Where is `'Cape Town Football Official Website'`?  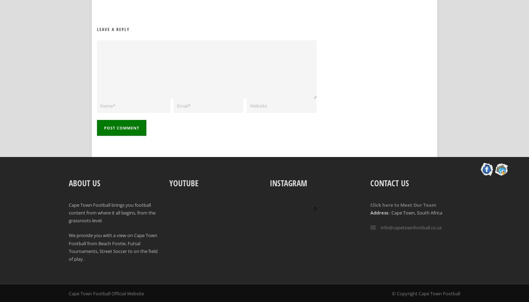 'Cape Town Football Official Website' is located at coordinates (106, 293).